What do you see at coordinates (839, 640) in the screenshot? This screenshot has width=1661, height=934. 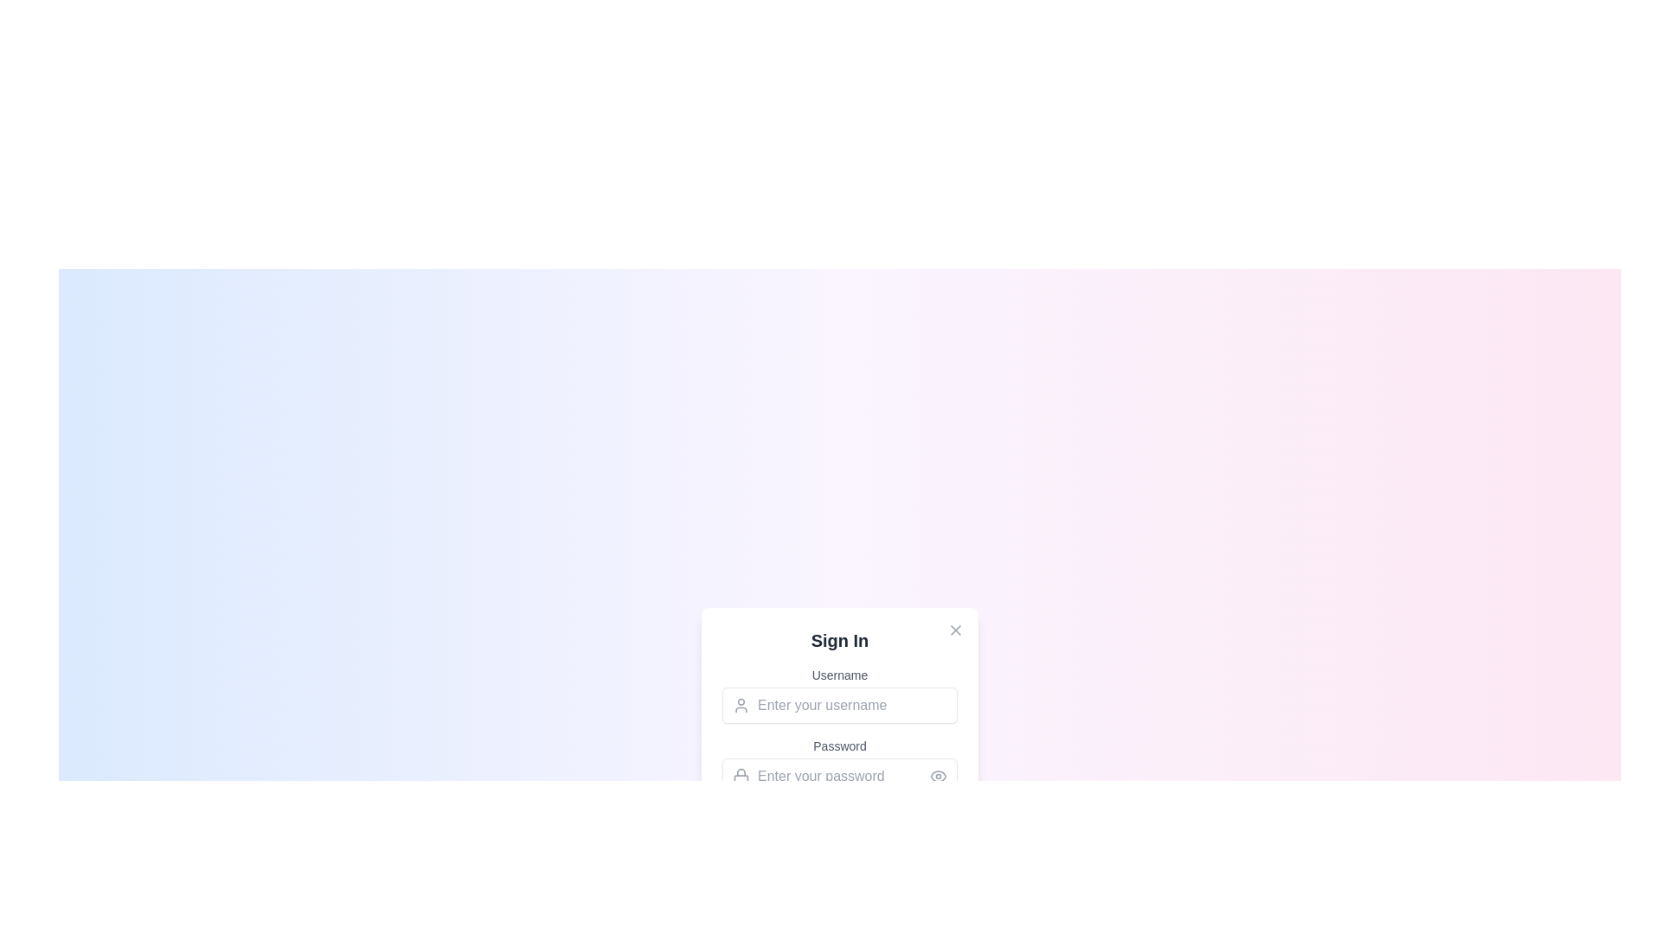 I see `the bold, large-sized 'Sign In' text label, which is styled in dark gray and positioned at the top of the centered login form, directly above the 'Username' input field` at bounding box center [839, 640].